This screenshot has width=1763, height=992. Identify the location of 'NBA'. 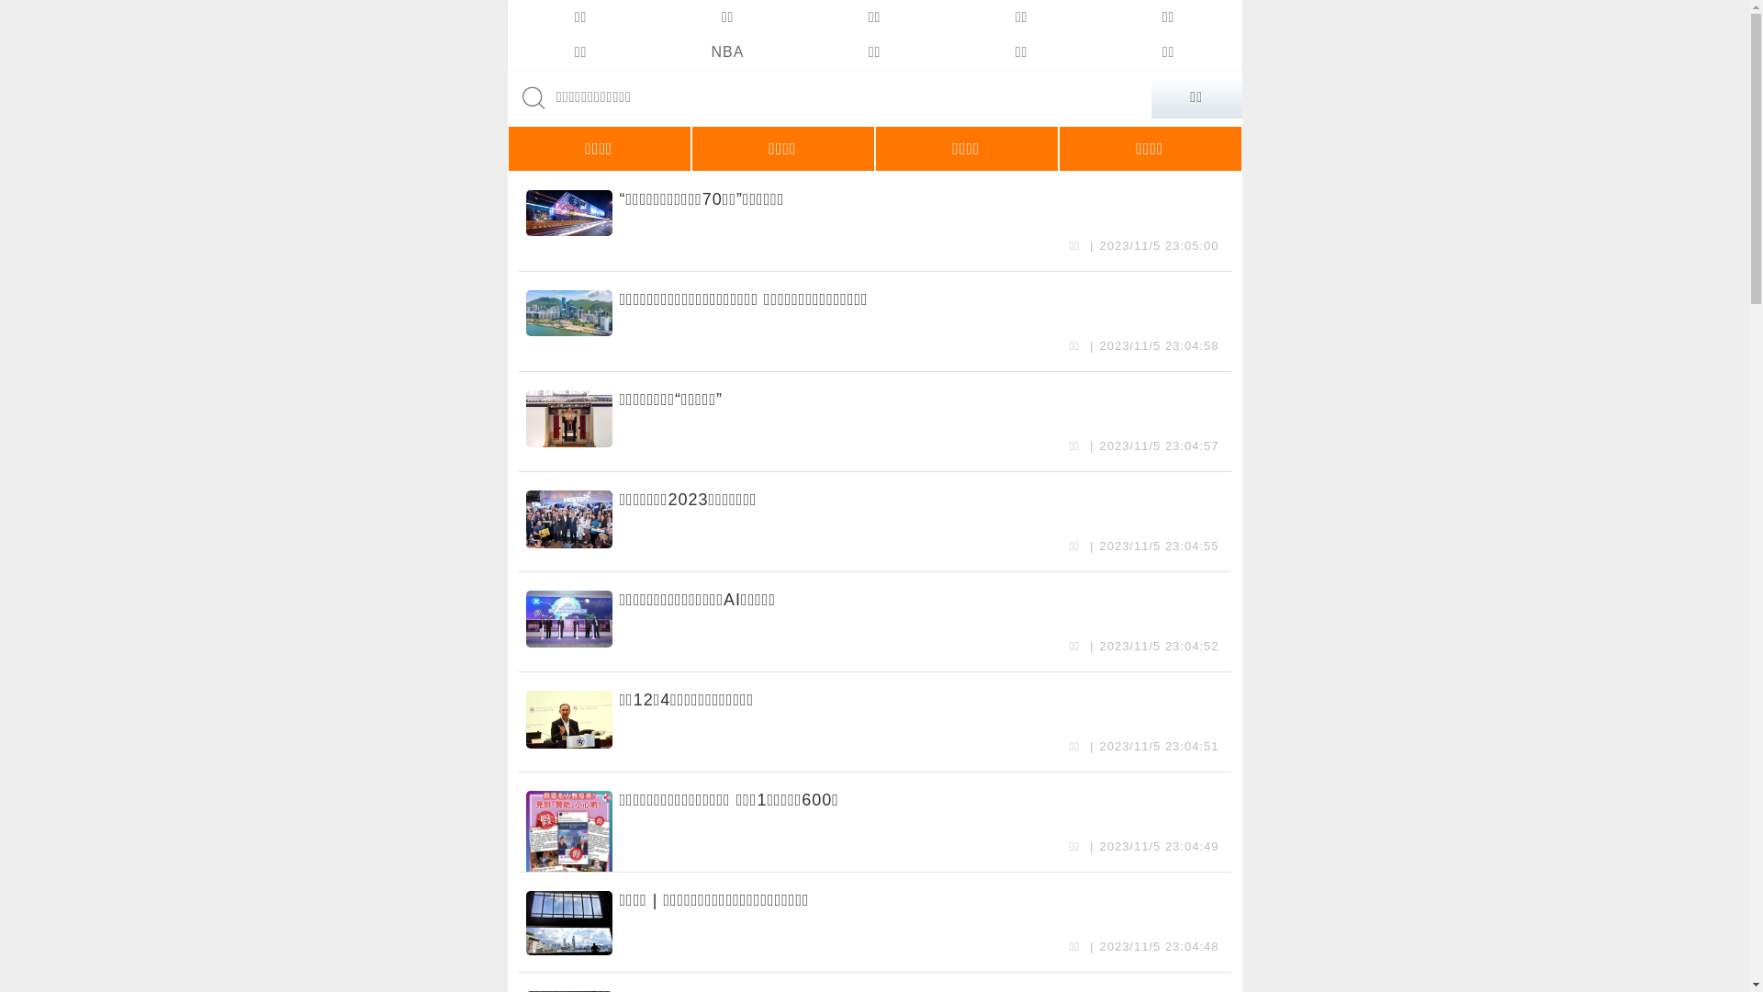
(653, 51).